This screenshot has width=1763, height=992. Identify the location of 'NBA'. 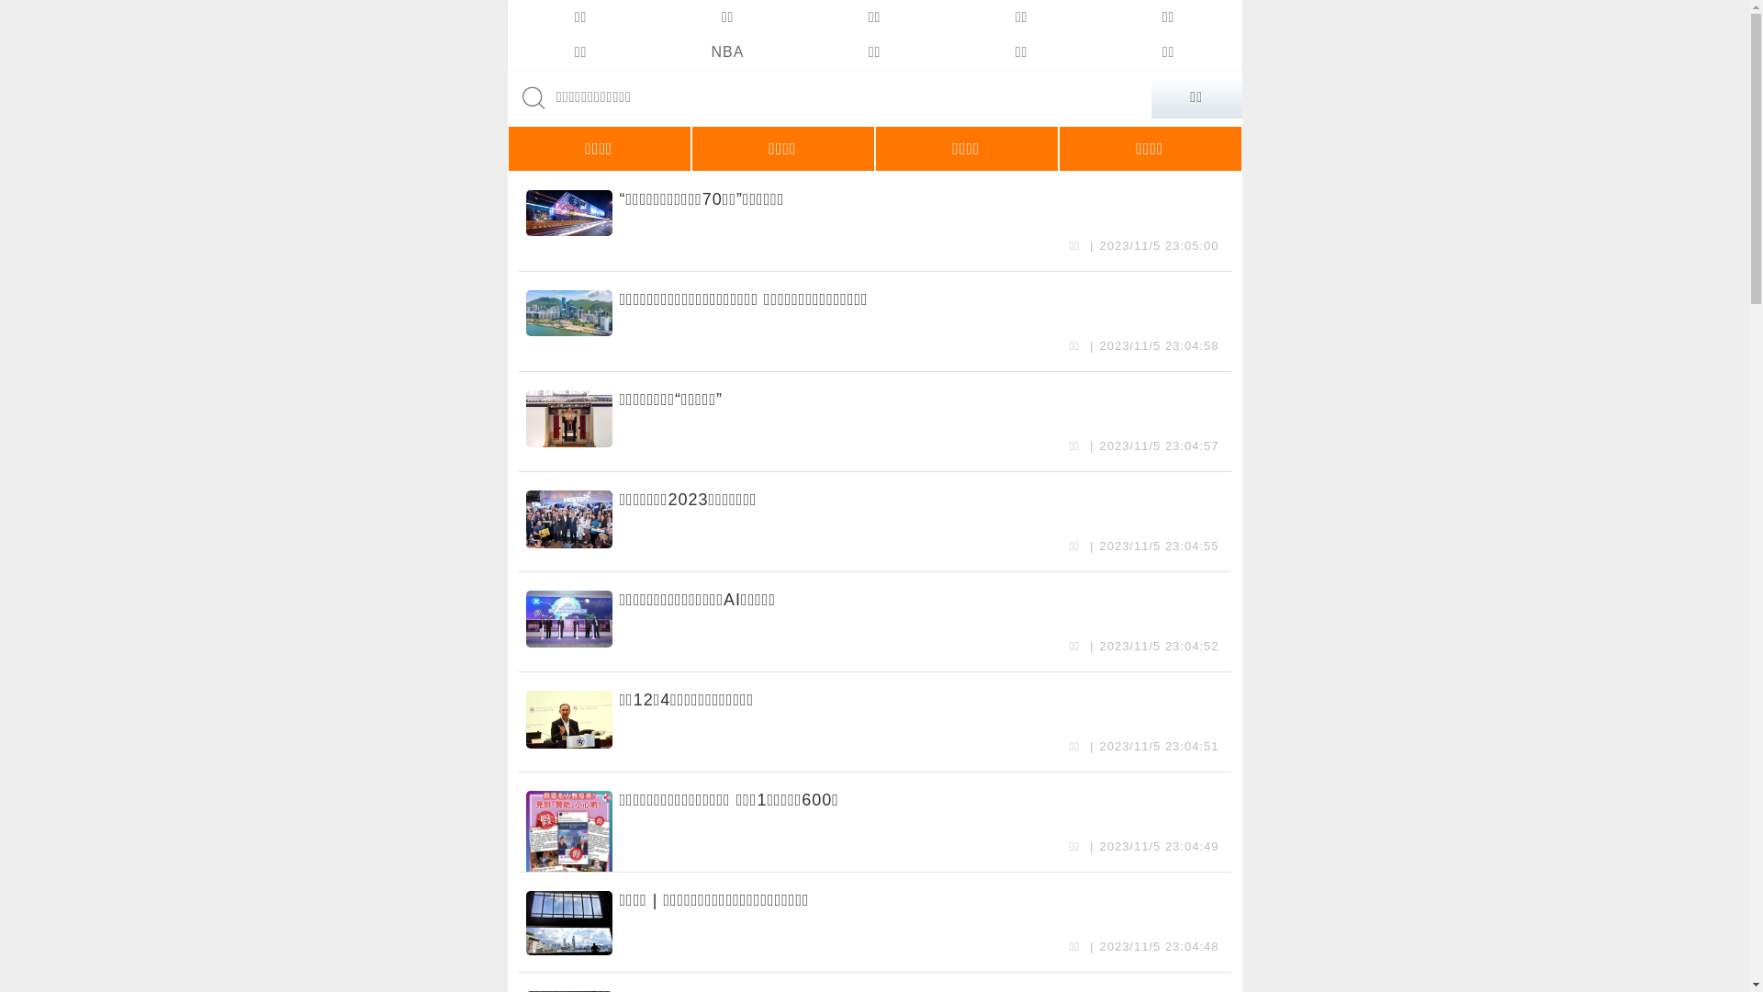
(653, 51).